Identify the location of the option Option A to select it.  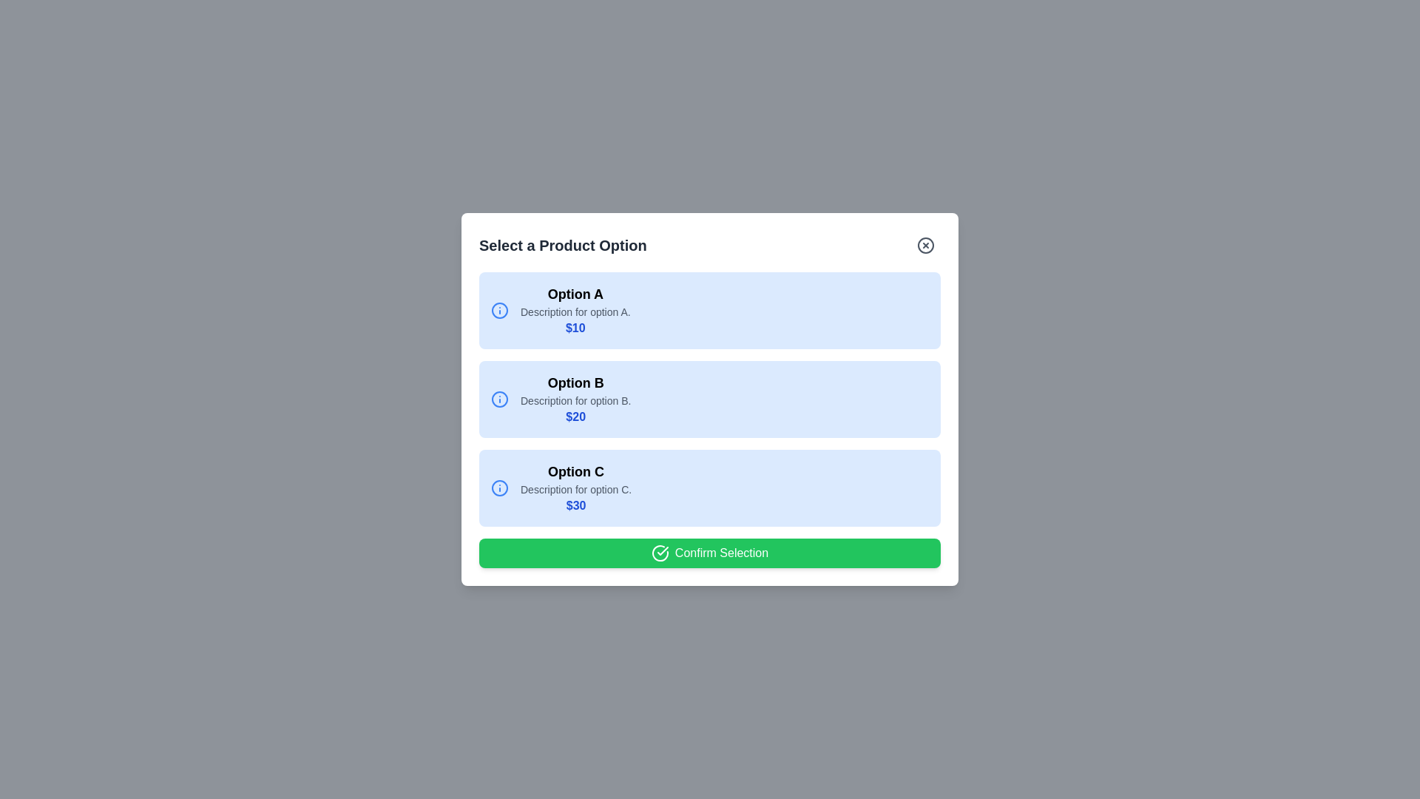
(710, 310).